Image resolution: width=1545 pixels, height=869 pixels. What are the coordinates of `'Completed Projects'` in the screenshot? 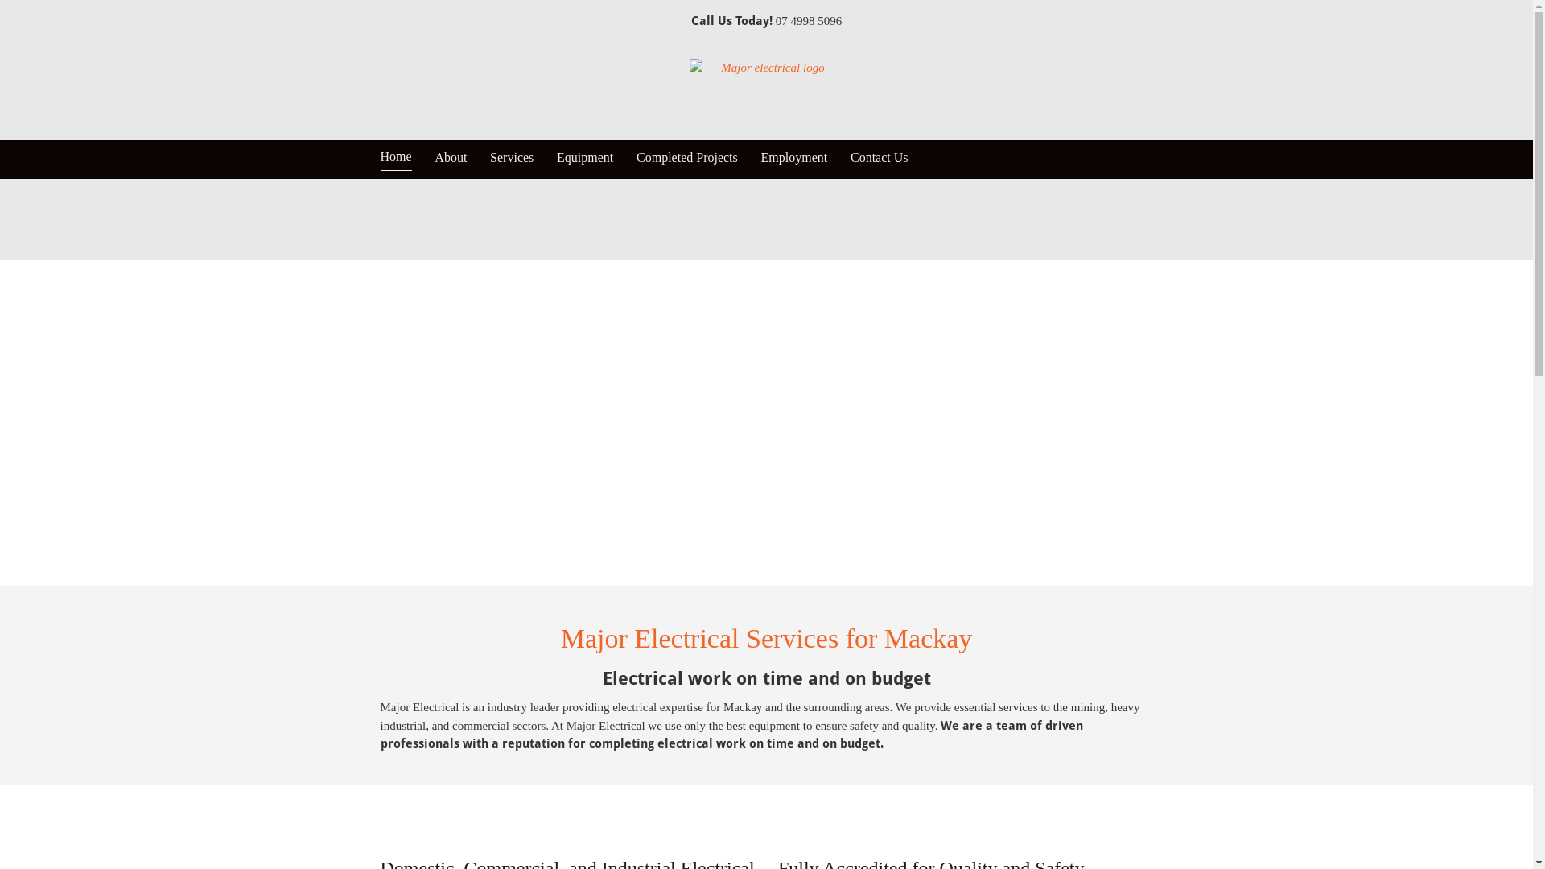 It's located at (687, 159).